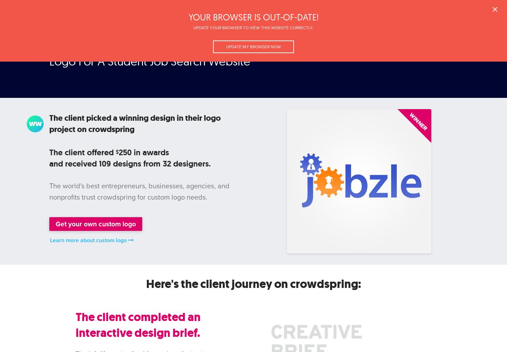  What do you see at coordinates (80, 49) in the screenshot?
I see `'project by'` at bounding box center [80, 49].